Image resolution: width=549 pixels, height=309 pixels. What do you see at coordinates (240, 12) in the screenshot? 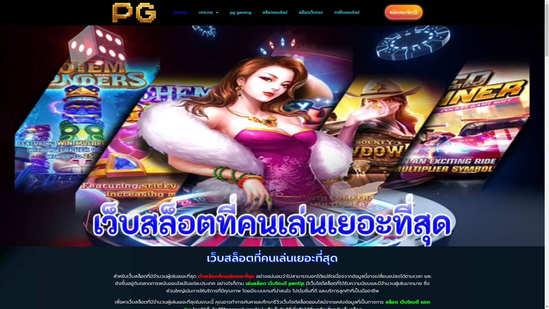
I see `'pg gaming'` at bounding box center [240, 12].